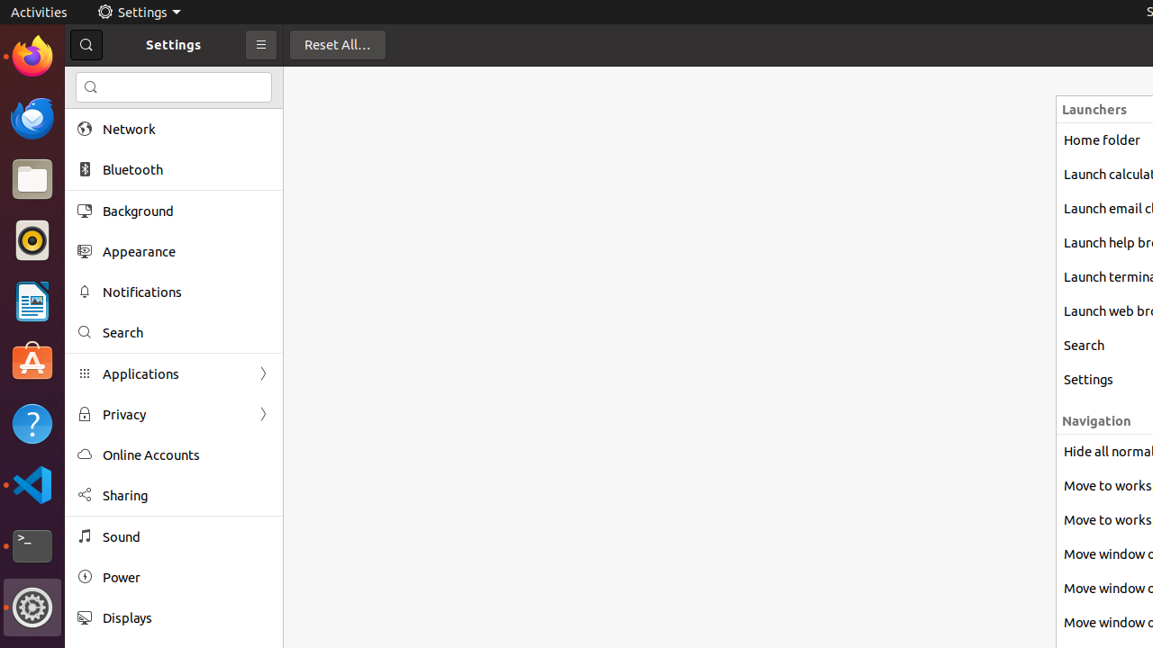 The width and height of the screenshot is (1153, 648). Describe the element at coordinates (39, 12) in the screenshot. I see `'Activities'` at that location.